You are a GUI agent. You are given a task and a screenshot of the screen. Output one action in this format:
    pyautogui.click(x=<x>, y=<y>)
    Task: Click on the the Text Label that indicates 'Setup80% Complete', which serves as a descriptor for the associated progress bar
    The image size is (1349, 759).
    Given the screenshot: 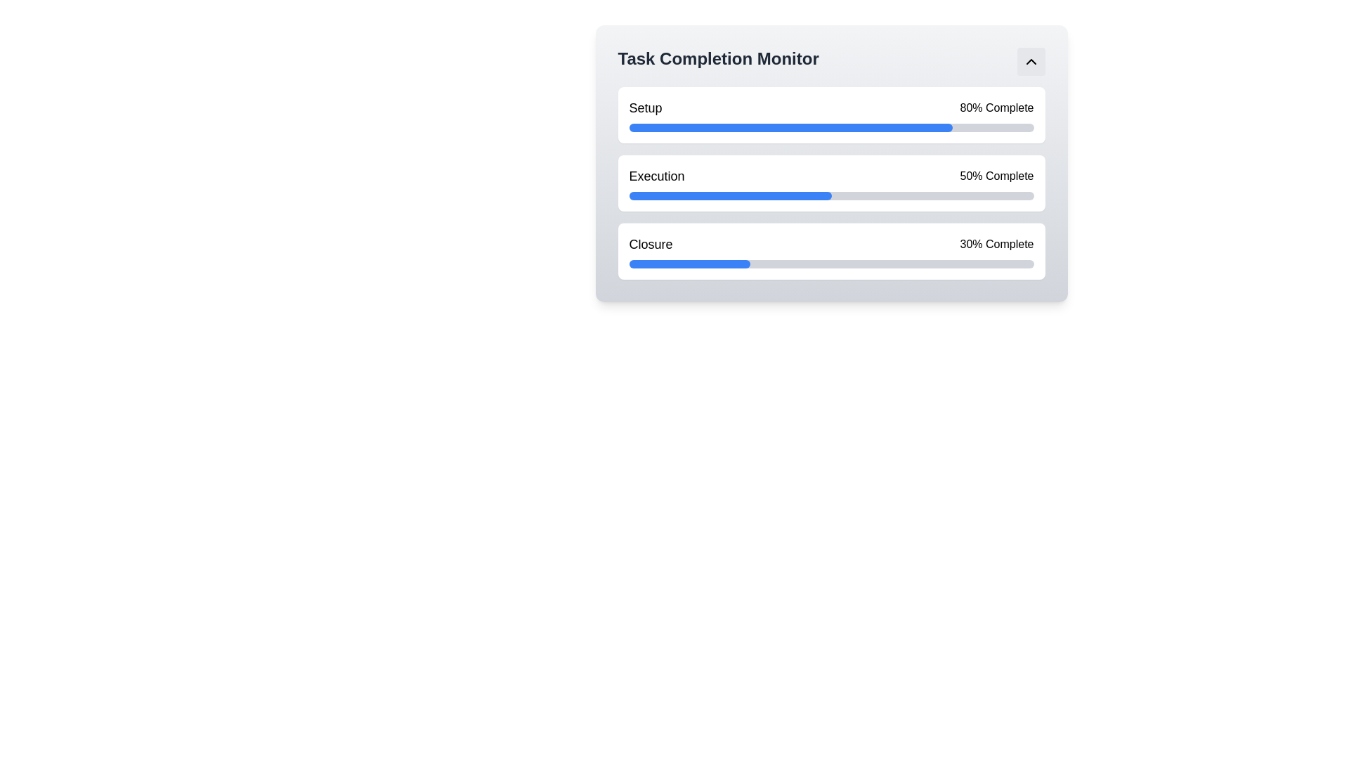 What is the action you would take?
    pyautogui.click(x=645, y=108)
    